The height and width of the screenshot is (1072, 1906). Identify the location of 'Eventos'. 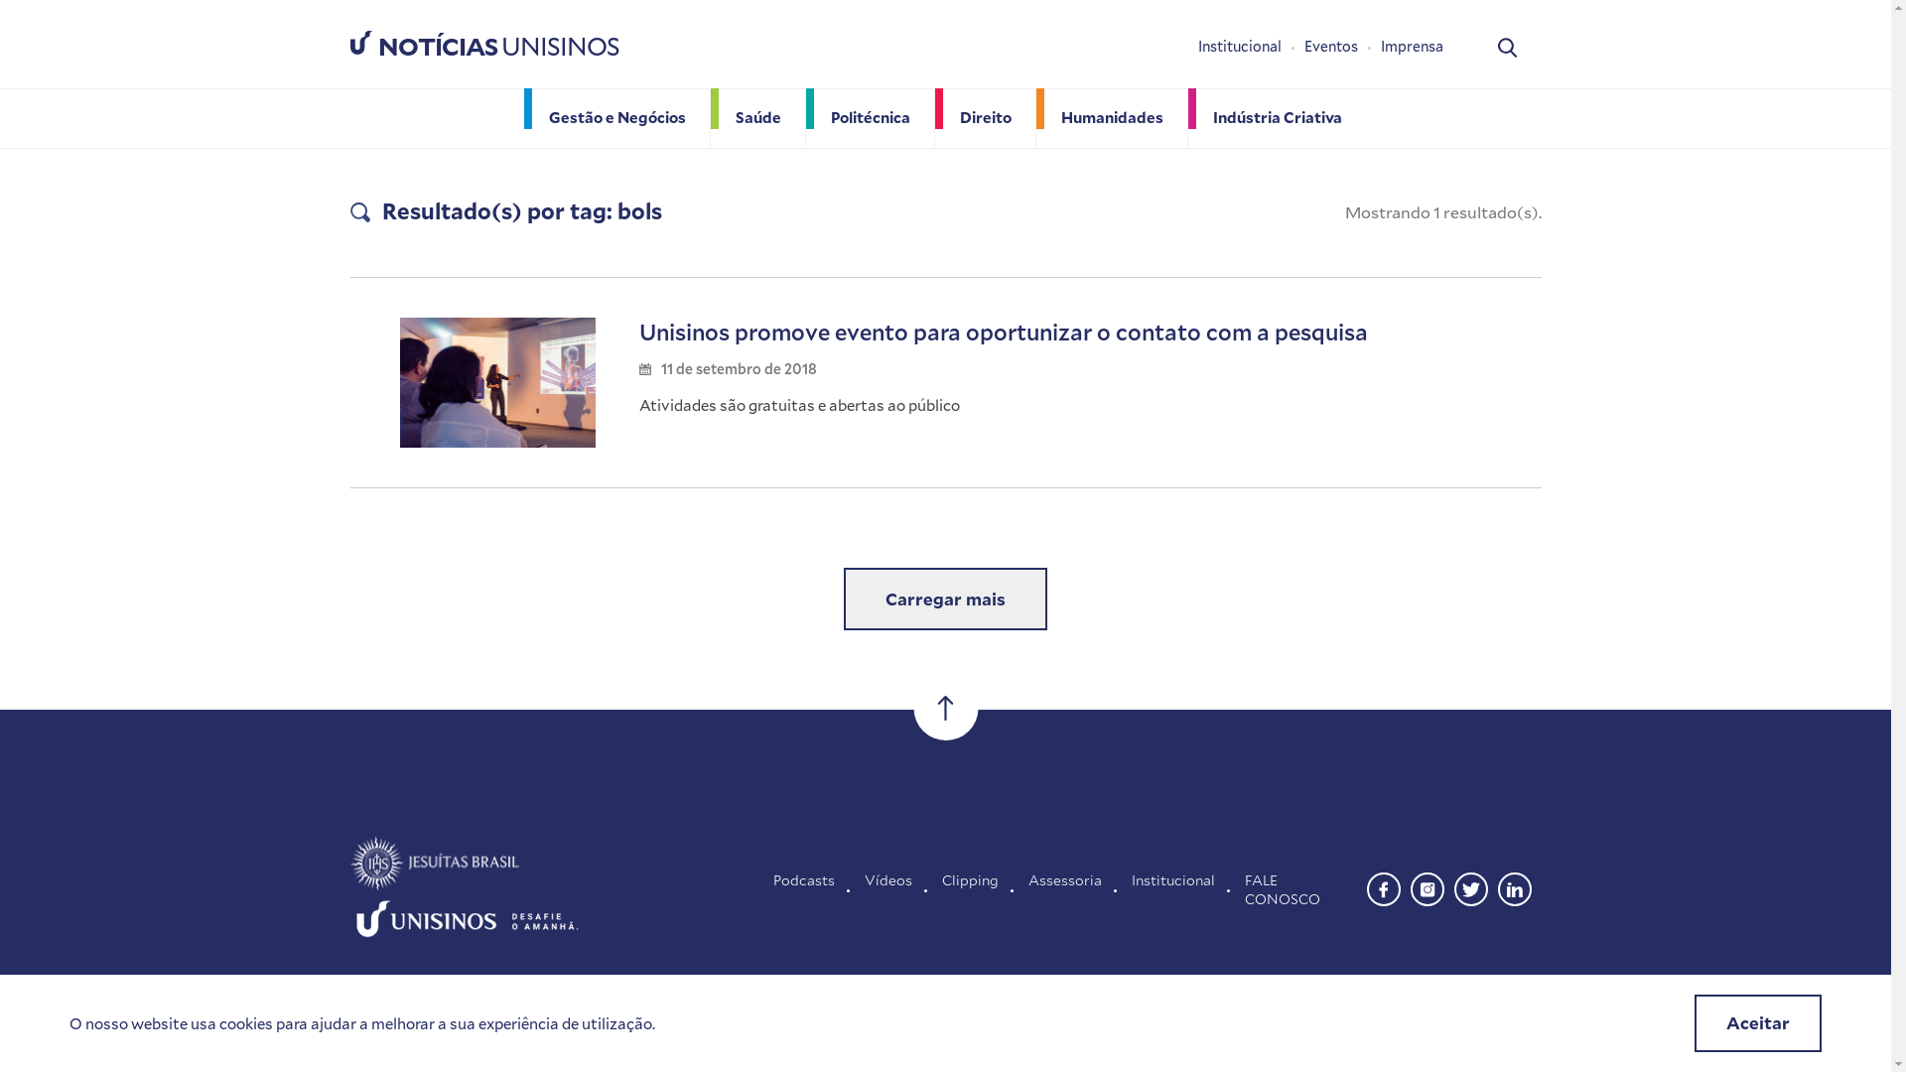
(1342, 45).